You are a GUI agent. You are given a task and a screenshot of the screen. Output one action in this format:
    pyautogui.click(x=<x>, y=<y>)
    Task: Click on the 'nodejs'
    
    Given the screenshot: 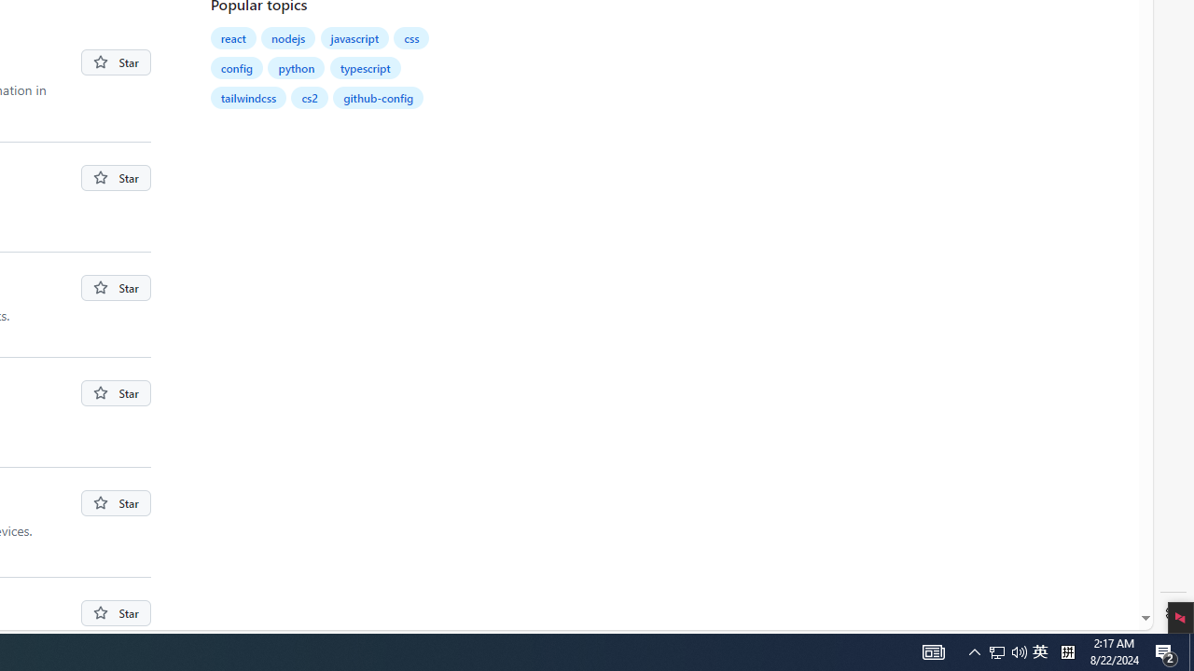 What is the action you would take?
    pyautogui.click(x=288, y=38)
    